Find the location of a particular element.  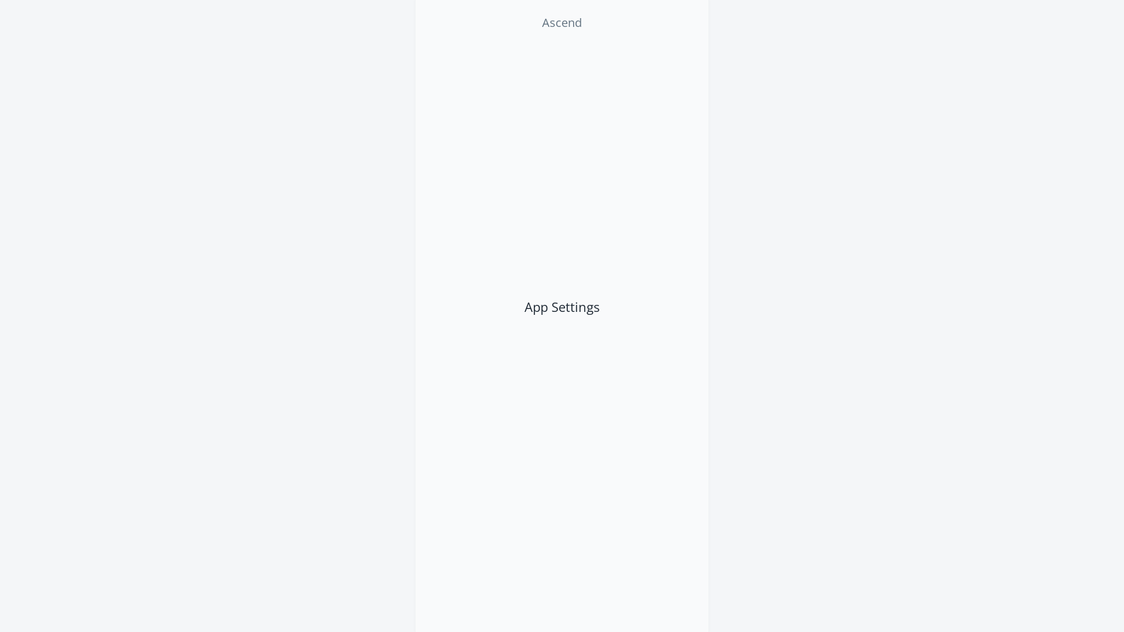

'App Settings' is located at coordinates (562, 306).